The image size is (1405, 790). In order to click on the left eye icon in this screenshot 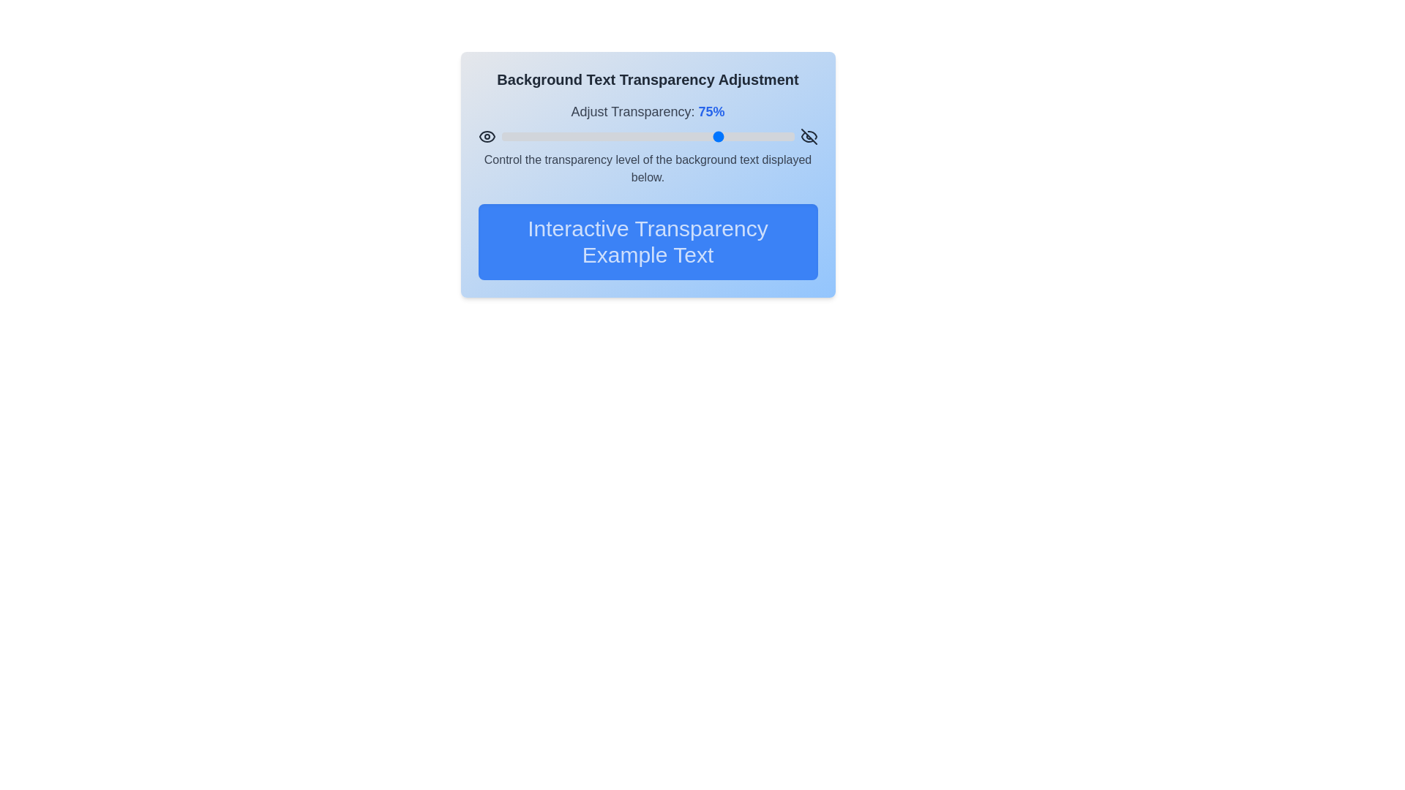, I will do `click(487, 136)`.